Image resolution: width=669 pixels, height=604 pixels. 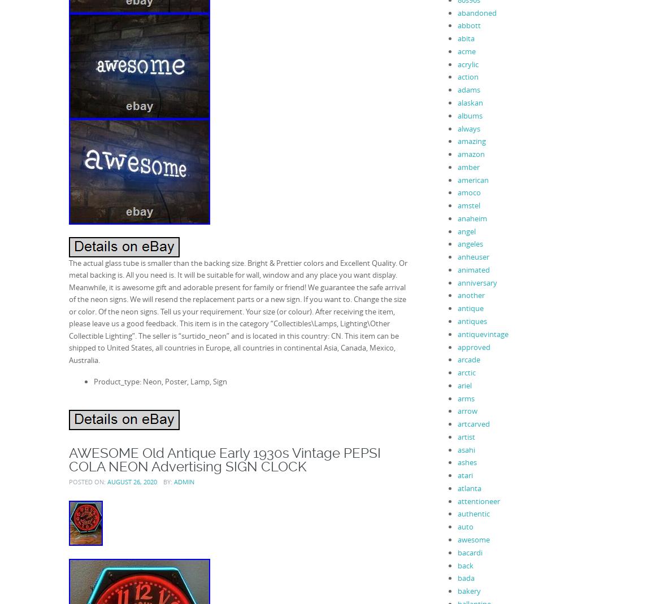 What do you see at coordinates (466, 50) in the screenshot?
I see `'acme'` at bounding box center [466, 50].